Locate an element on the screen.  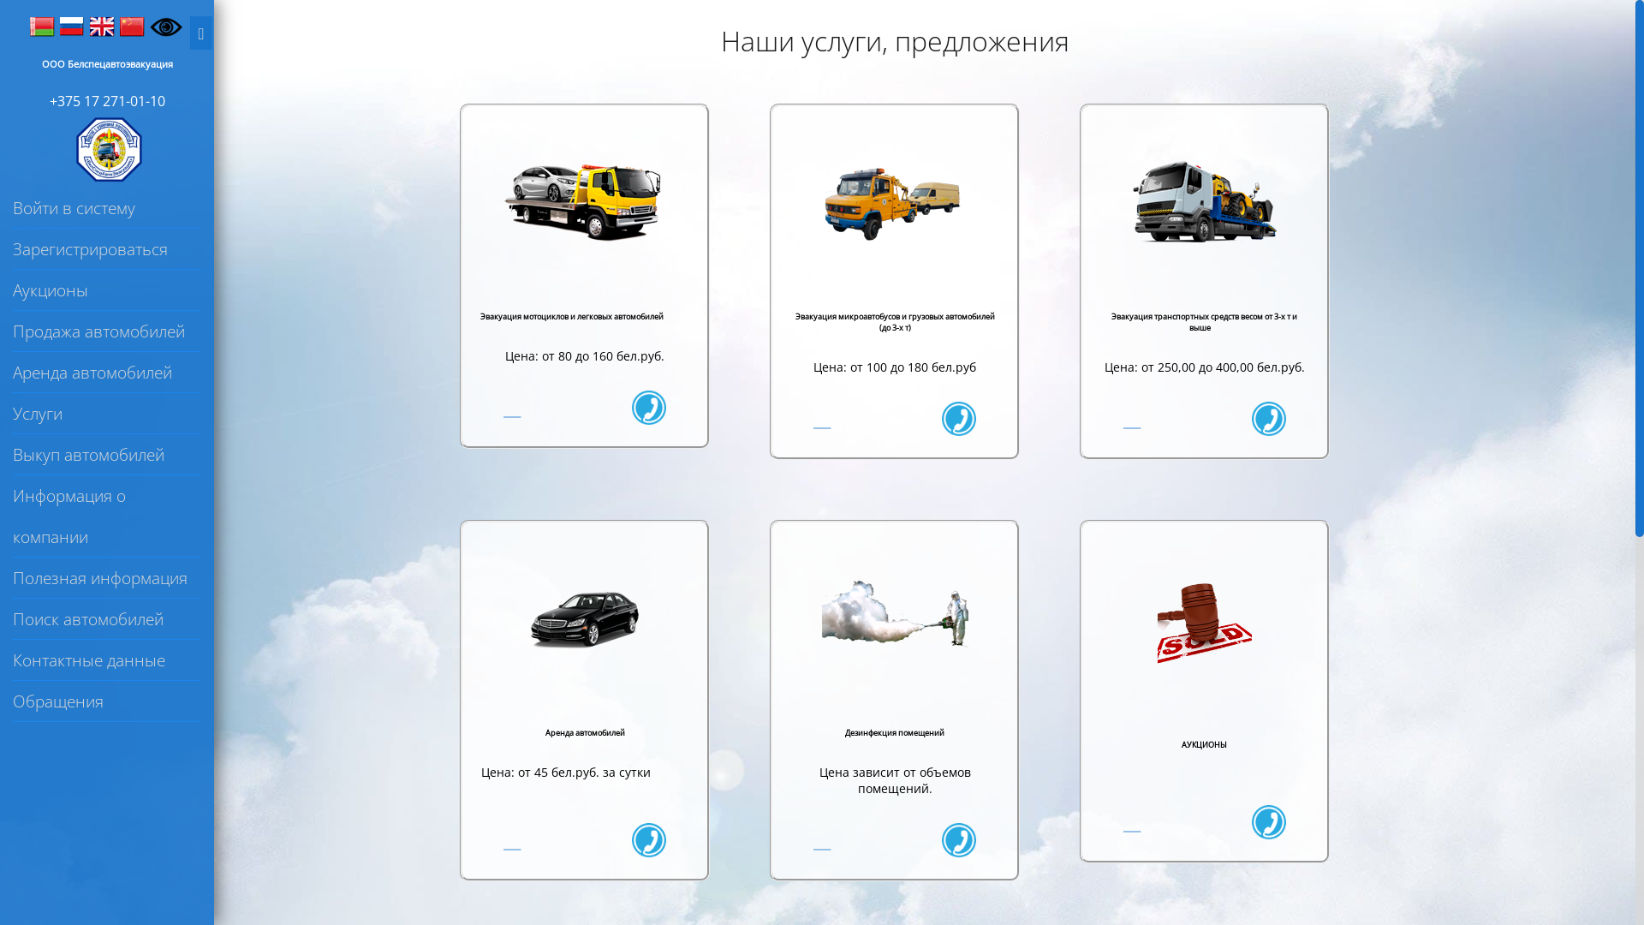
'Russia' is located at coordinates (72, 27).